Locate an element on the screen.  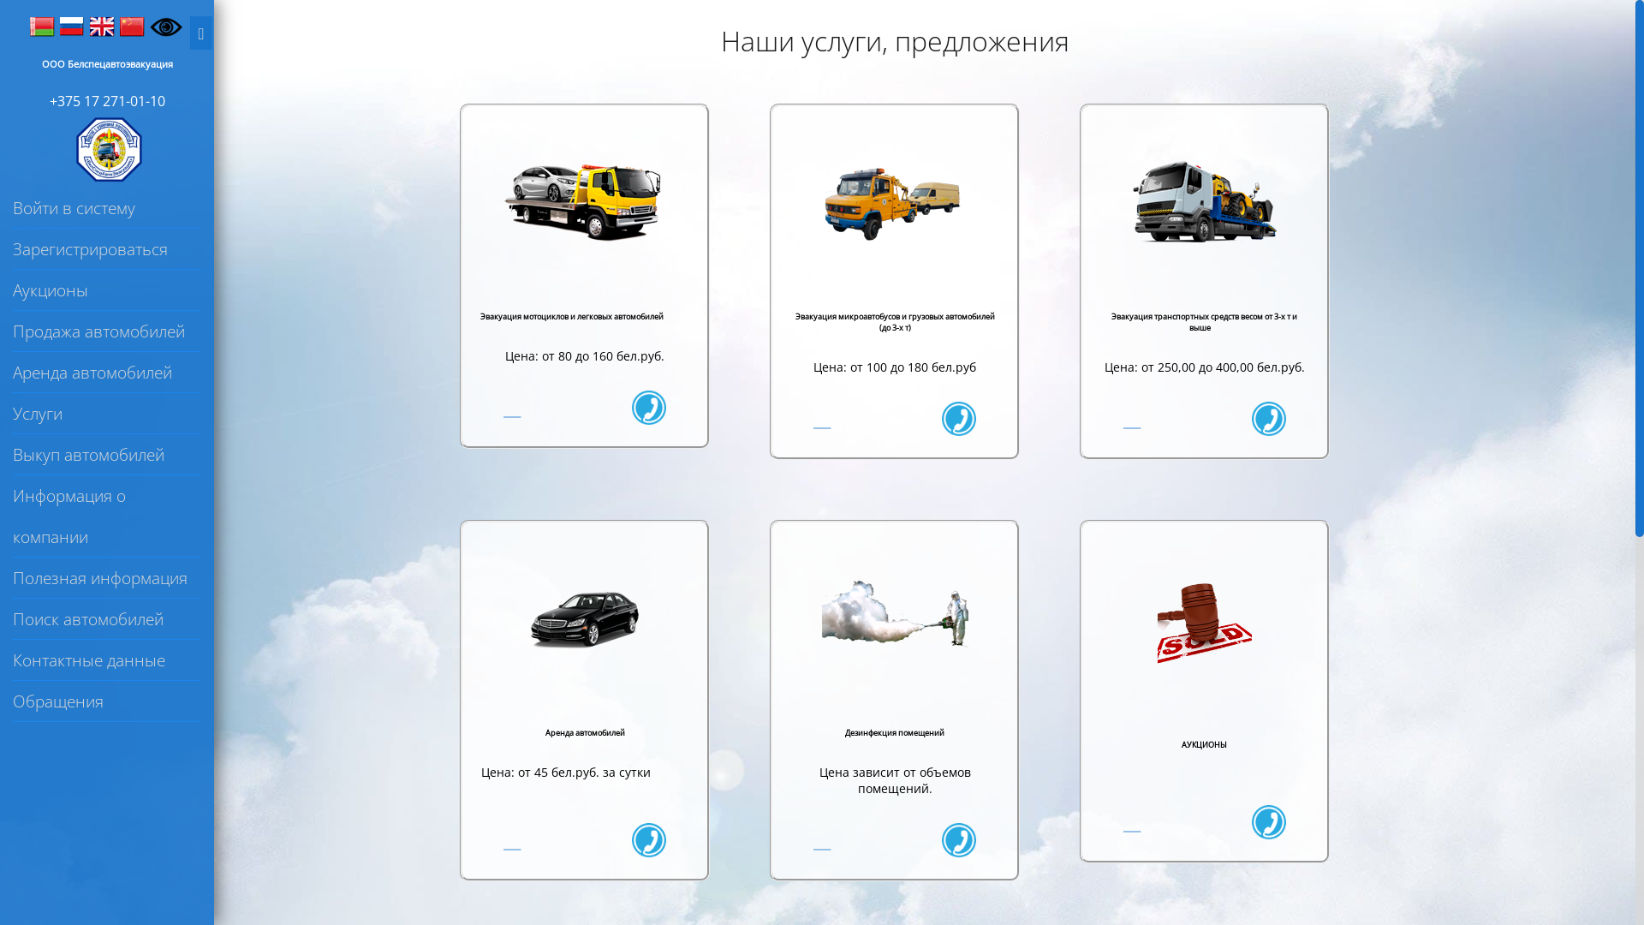
'Russia' is located at coordinates (72, 27).